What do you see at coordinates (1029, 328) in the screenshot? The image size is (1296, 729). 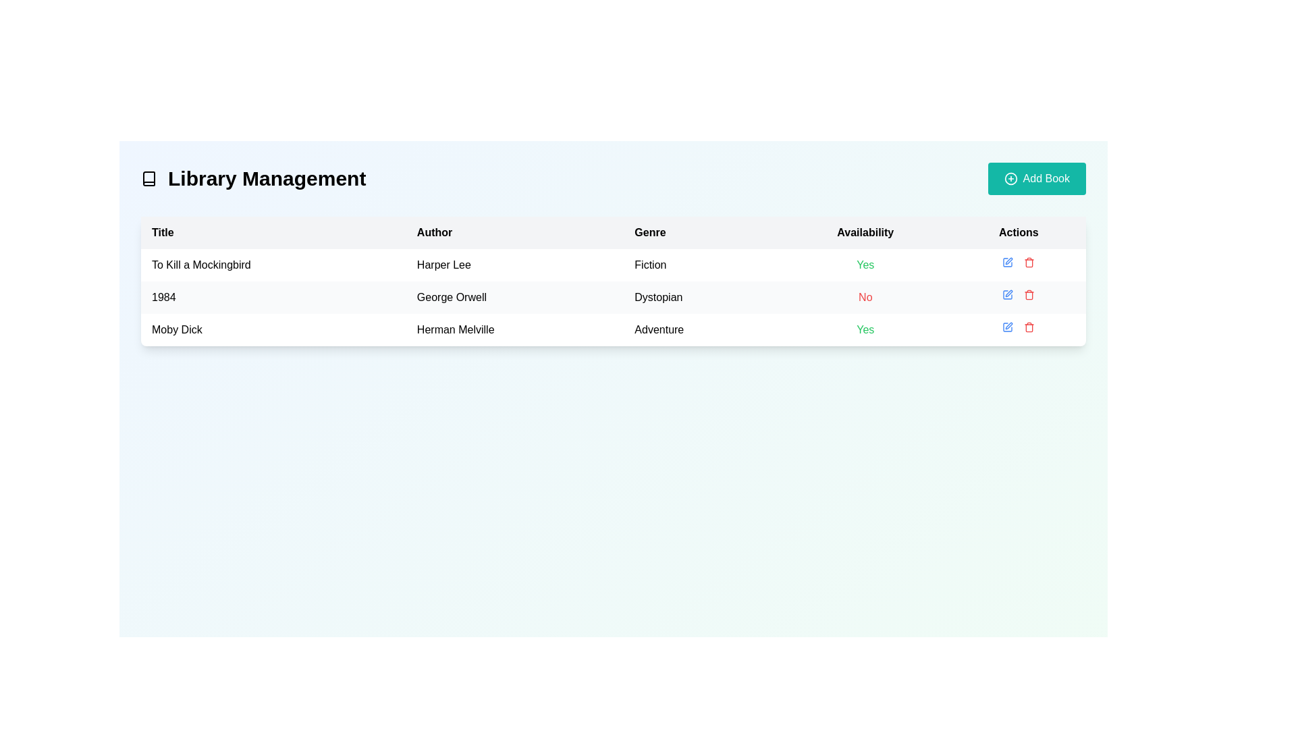 I see `the trash can icon located in the 'Actions' column of the third row in the list-style data table, which suggests a delete or remove function` at bounding box center [1029, 328].